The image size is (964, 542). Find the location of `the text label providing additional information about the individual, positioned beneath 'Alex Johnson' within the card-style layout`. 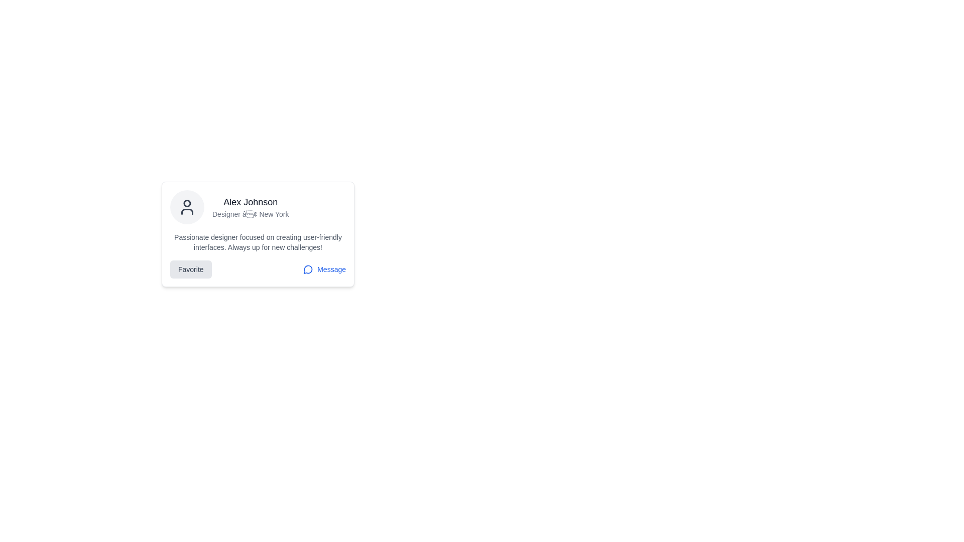

the text label providing additional information about the individual, positioned beneath 'Alex Johnson' within the card-style layout is located at coordinates (251, 214).